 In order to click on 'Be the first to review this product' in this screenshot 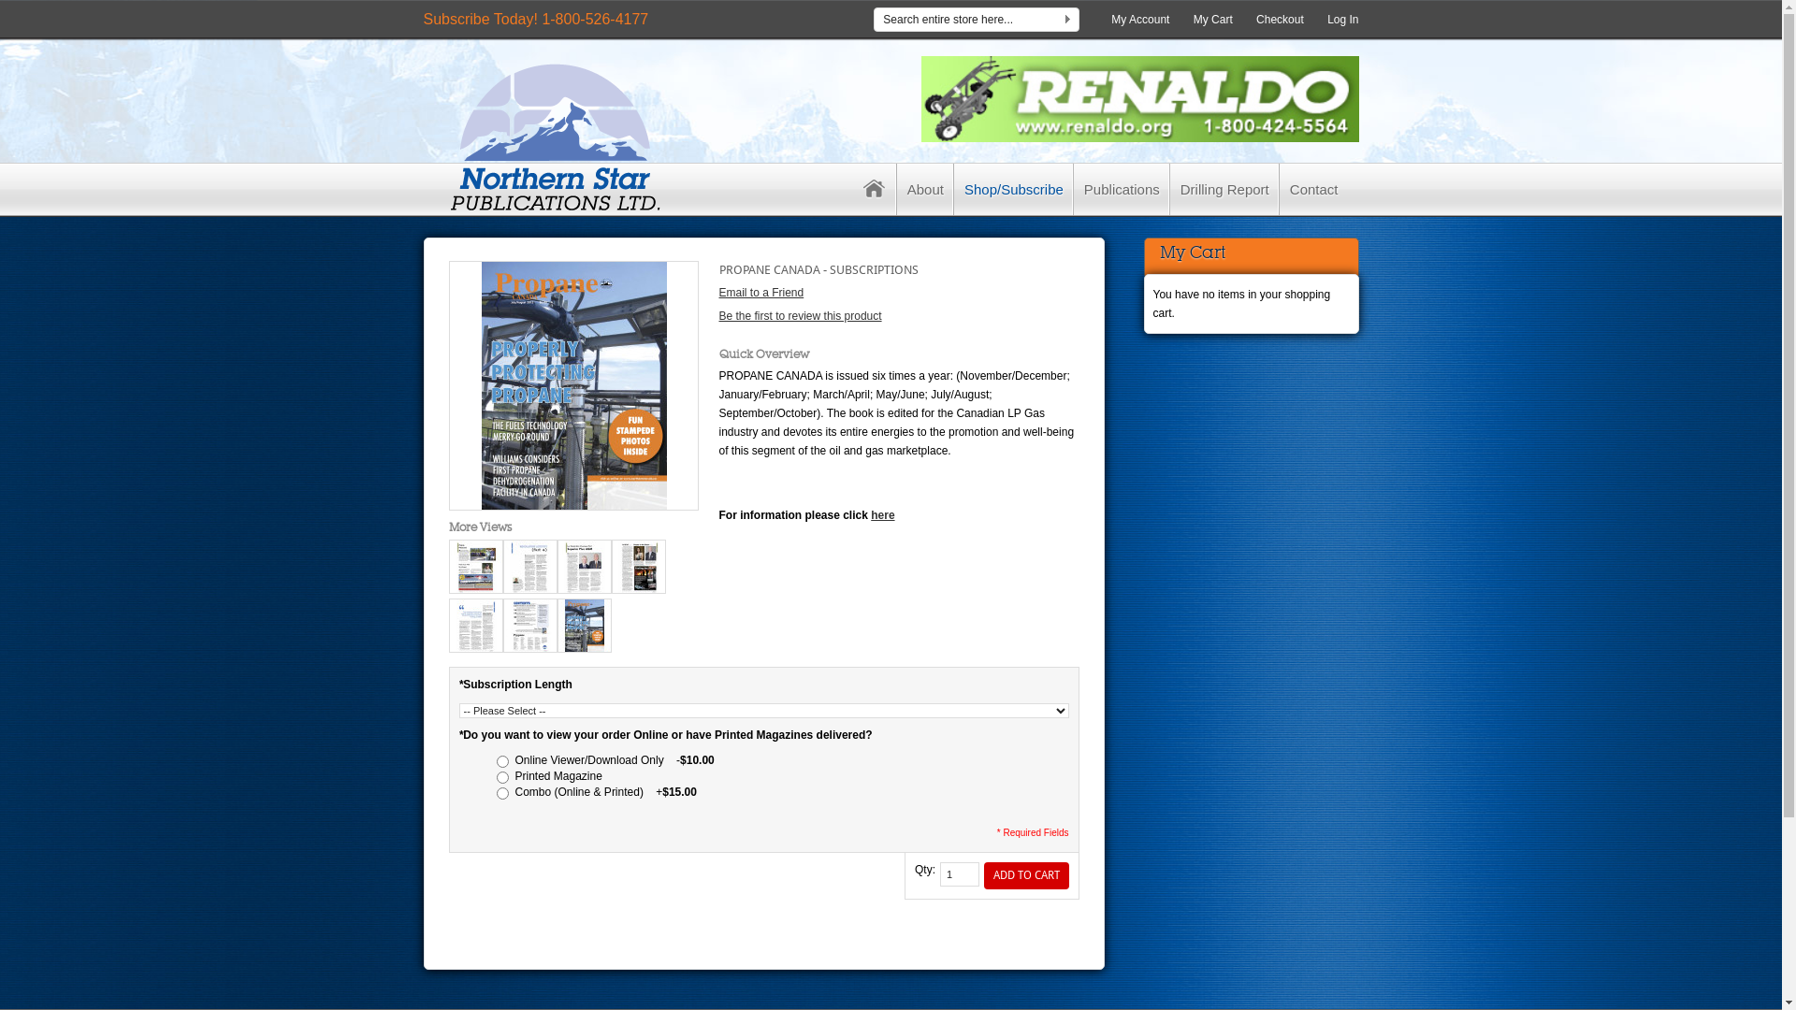, I will do `click(799, 315)`.